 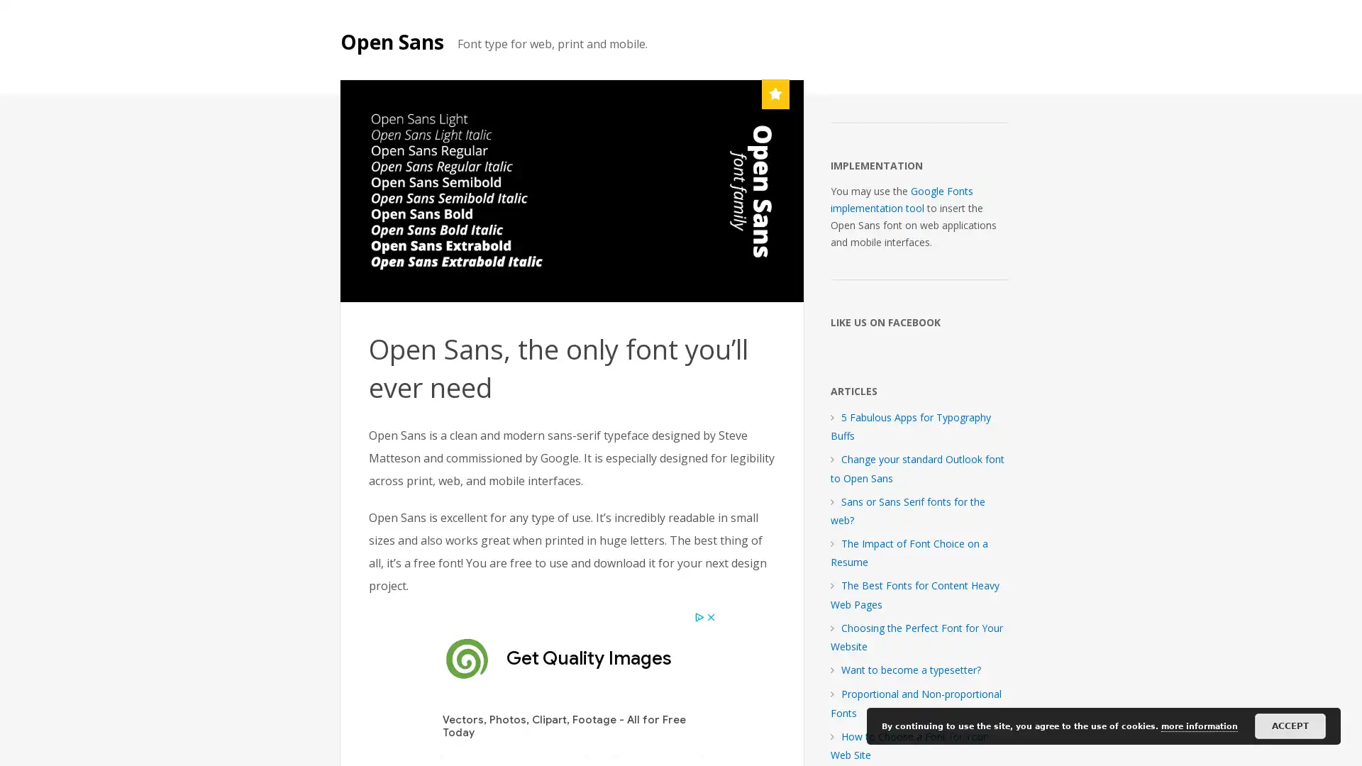 I want to click on ACCEPT, so click(x=1290, y=726).